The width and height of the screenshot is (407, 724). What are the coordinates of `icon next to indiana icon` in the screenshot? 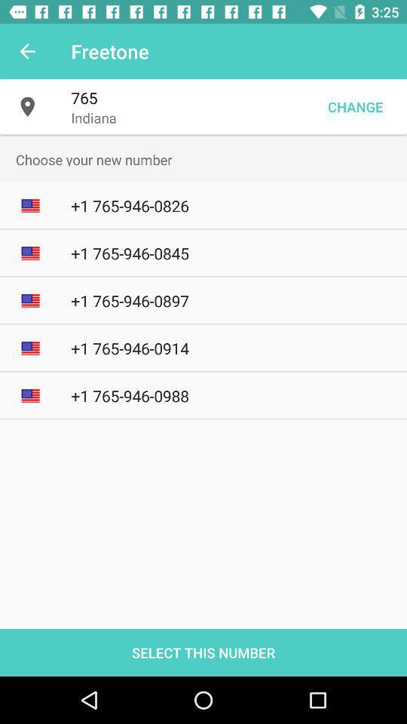 It's located at (355, 106).